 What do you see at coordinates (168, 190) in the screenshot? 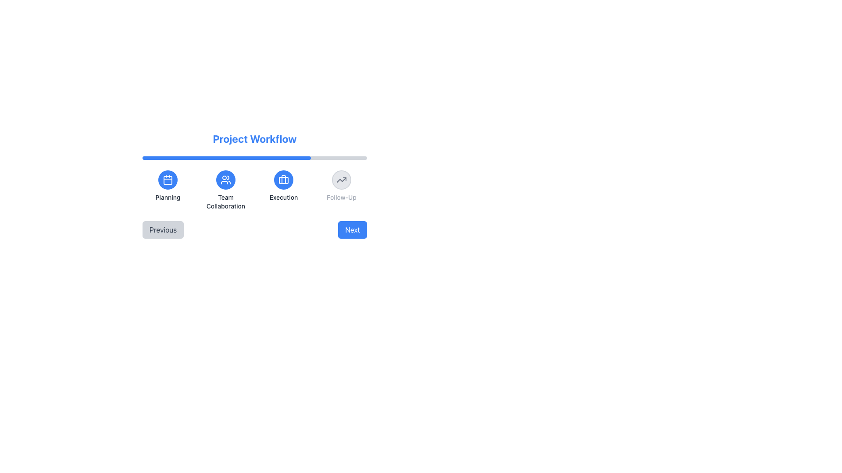
I see `the 'Planning' icon and text label, which features a blue circular calendar icon and is located in the first column of the grid layout, before the 'Team Collaboration' section` at bounding box center [168, 190].